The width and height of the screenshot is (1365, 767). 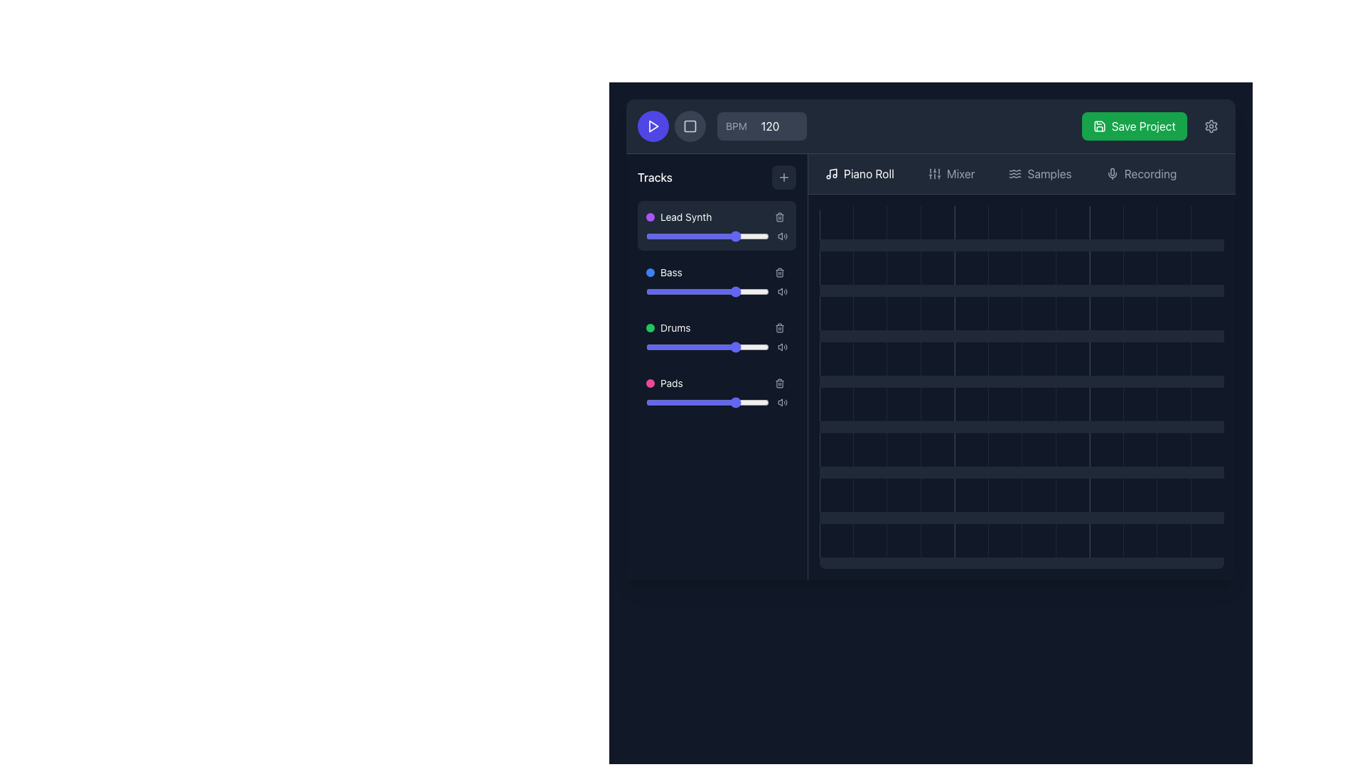 What do you see at coordinates (1106, 540) in the screenshot?
I see `the grid cell located in the bottom row, ninth column of the grid structure, which is used for designating specific inputs or activations` at bounding box center [1106, 540].